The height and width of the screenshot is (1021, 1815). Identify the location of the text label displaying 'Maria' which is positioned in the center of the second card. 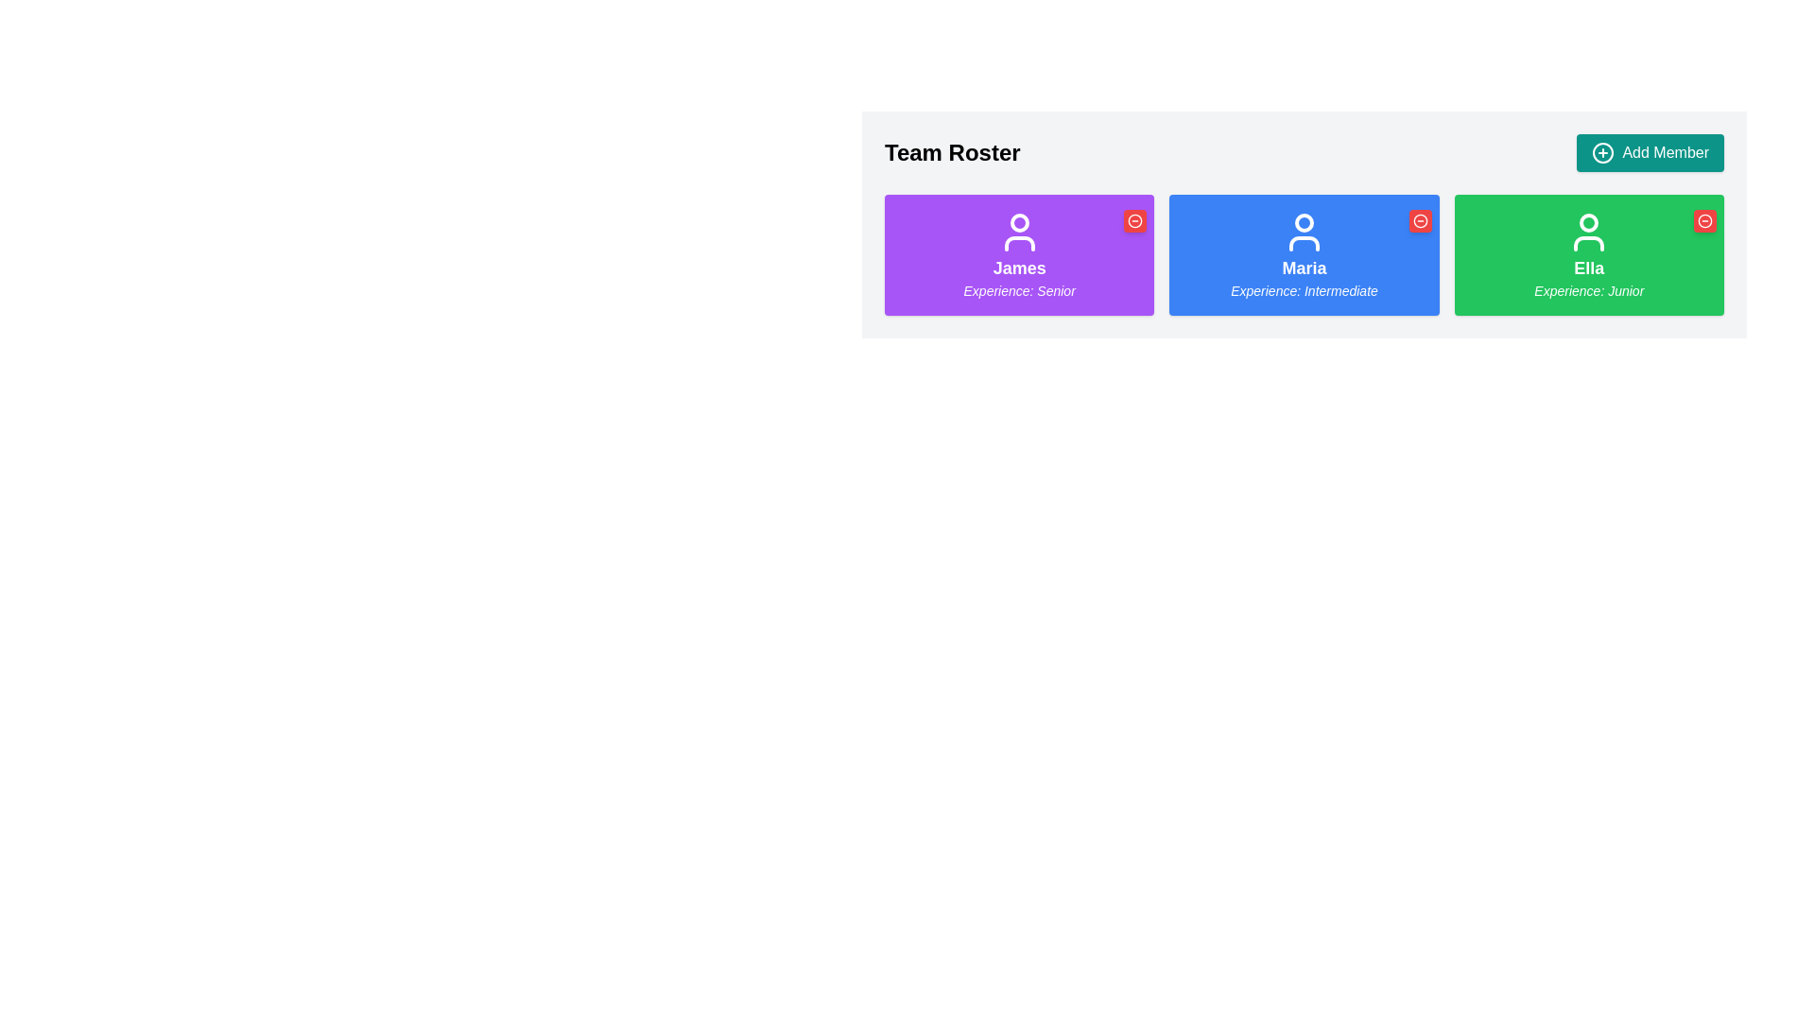
(1303, 268).